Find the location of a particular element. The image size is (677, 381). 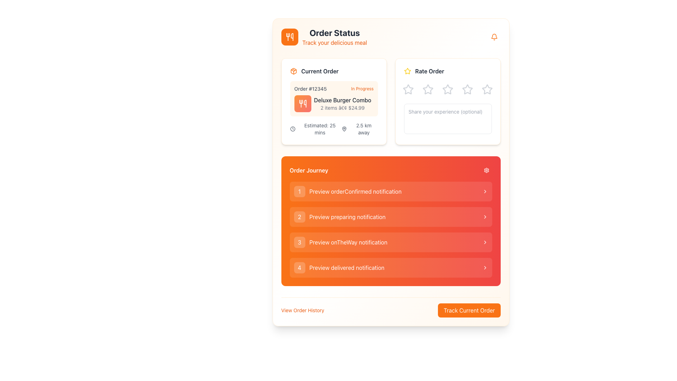

the 'Current Order' header with the package icon located at the top left corner of the order details card is located at coordinates (333, 71).